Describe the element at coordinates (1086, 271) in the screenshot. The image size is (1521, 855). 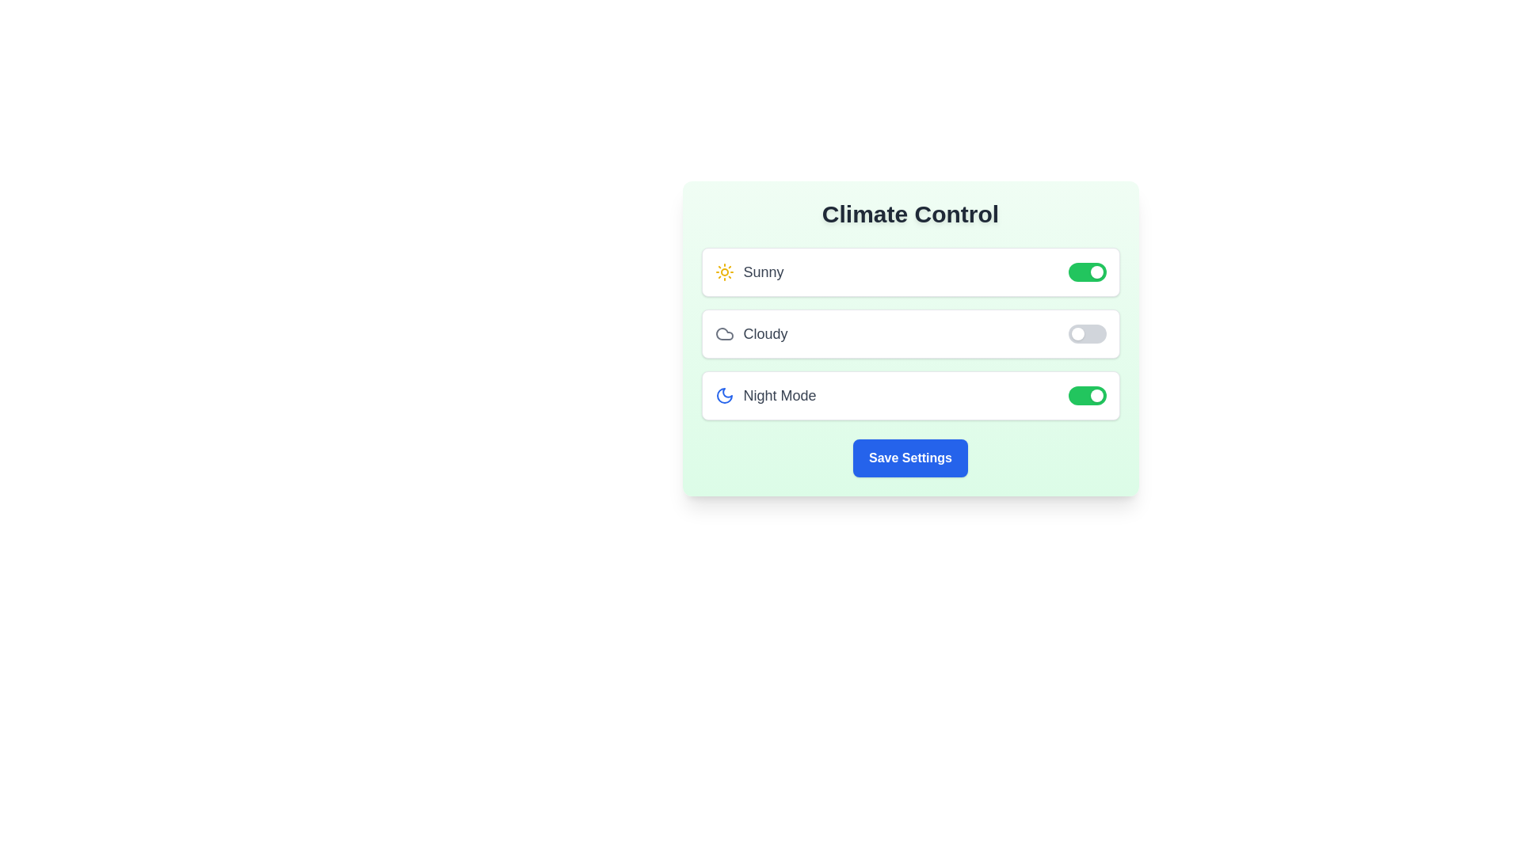
I see `toggle switch for the condition 'Sunny' to change its state` at that location.